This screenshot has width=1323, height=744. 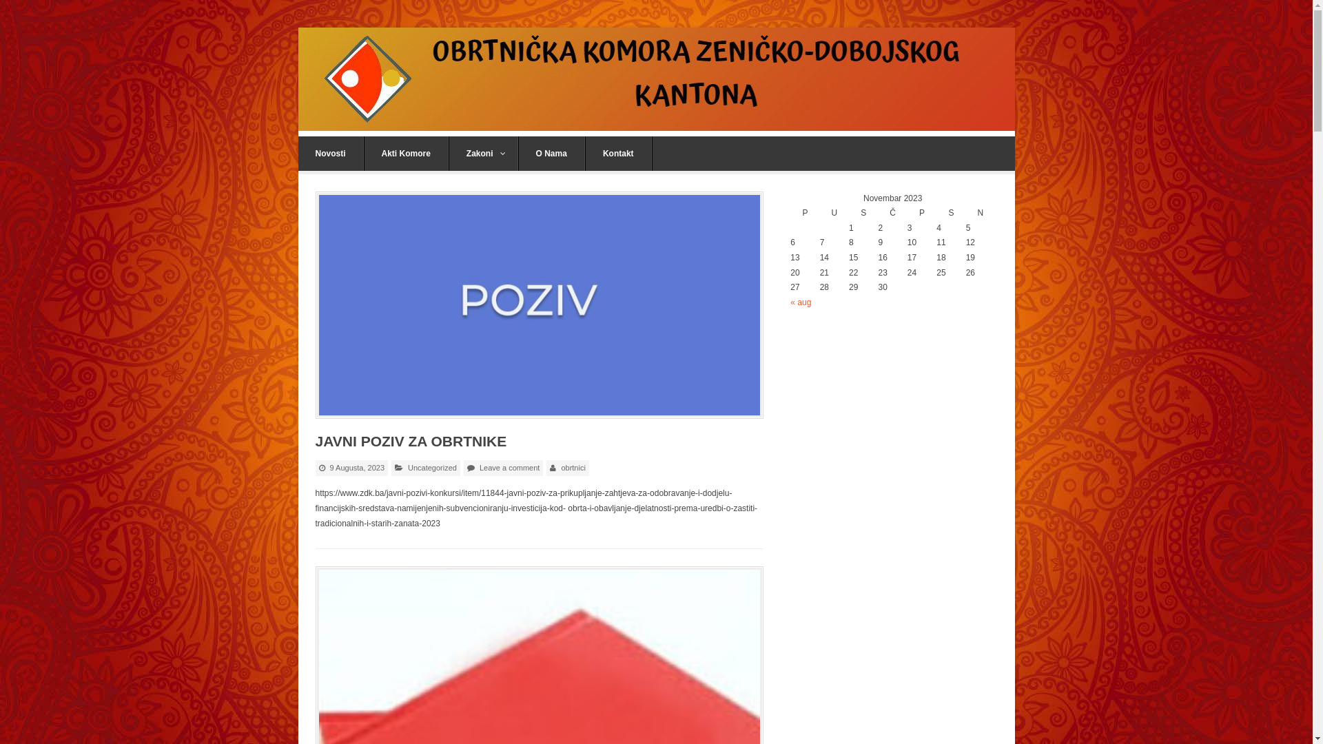 What do you see at coordinates (617, 154) in the screenshot?
I see `'Kontakt'` at bounding box center [617, 154].